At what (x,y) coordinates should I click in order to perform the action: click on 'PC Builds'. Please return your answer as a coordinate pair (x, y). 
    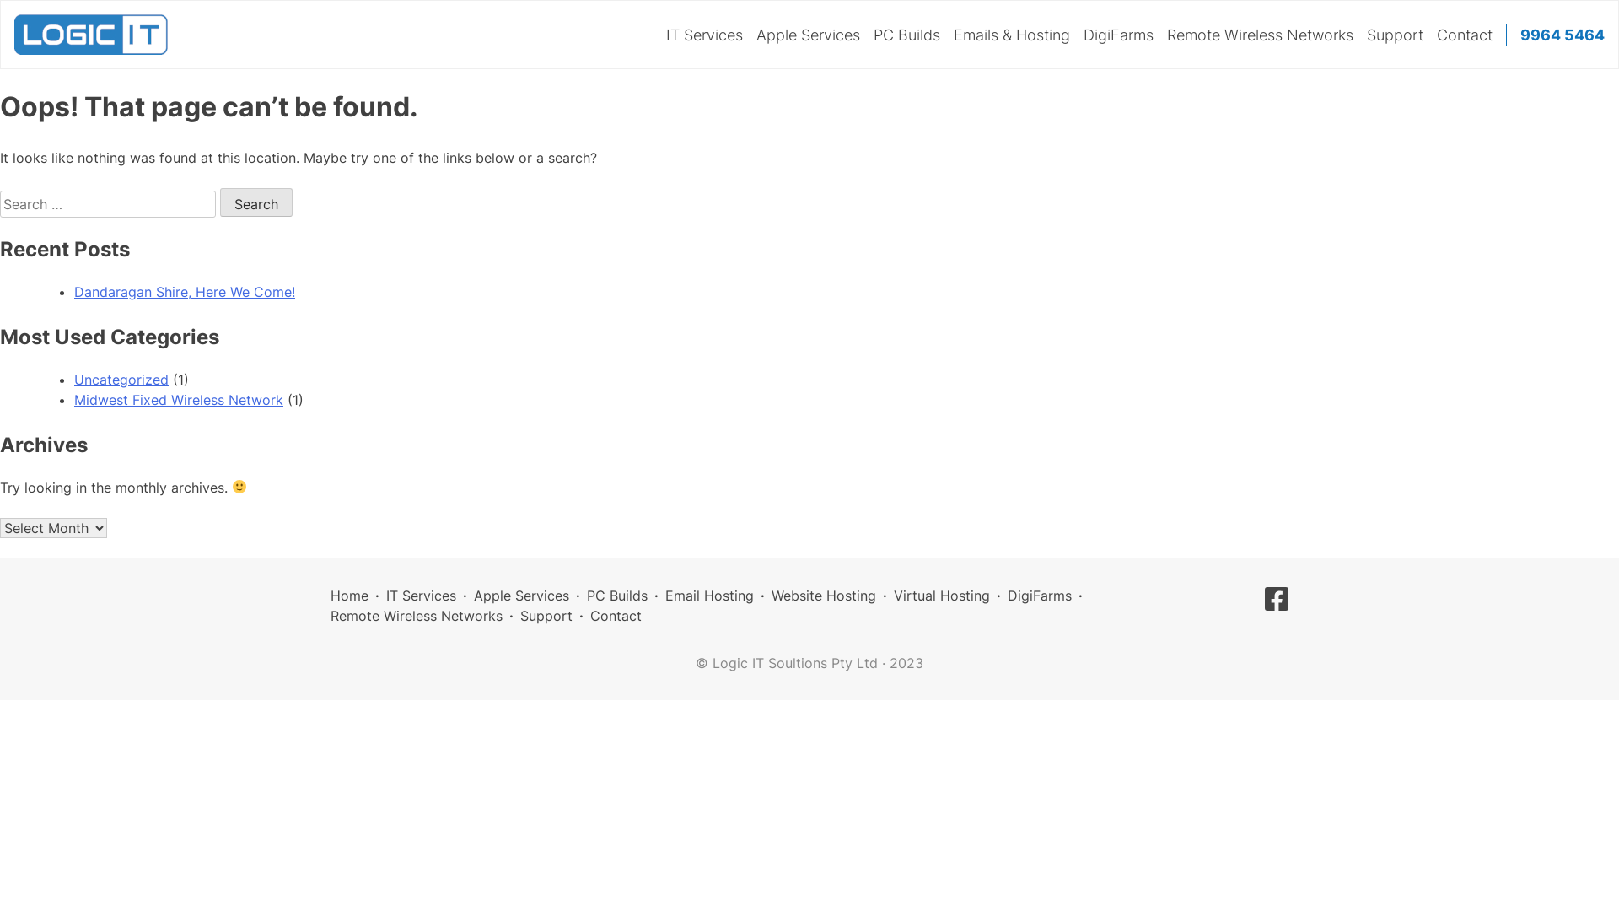
    Looking at the image, I should click on (616, 594).